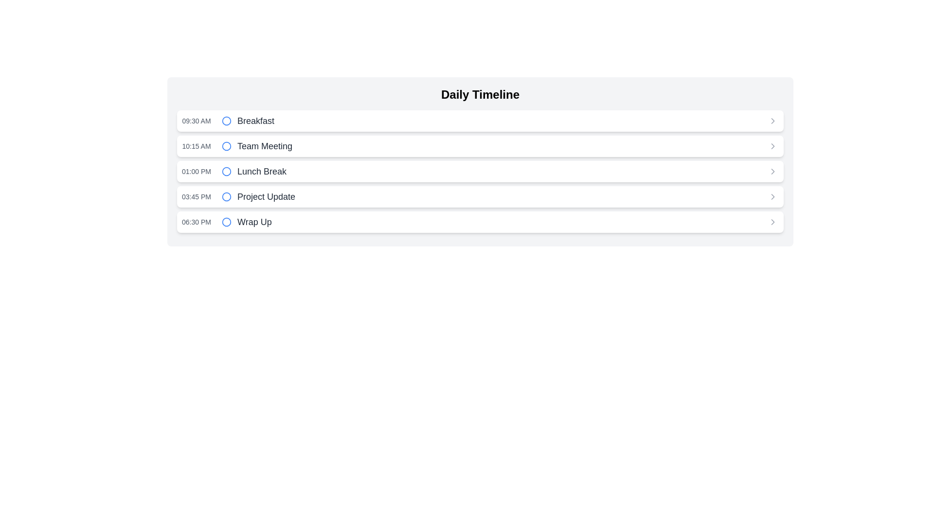 This screenshot has width=934, height=525. I want to click on the Text Label indicating the time associated with the 'Lunch Break' event in the timeline, located to the left of the 'Lunch Break' label, so click(196, 171).